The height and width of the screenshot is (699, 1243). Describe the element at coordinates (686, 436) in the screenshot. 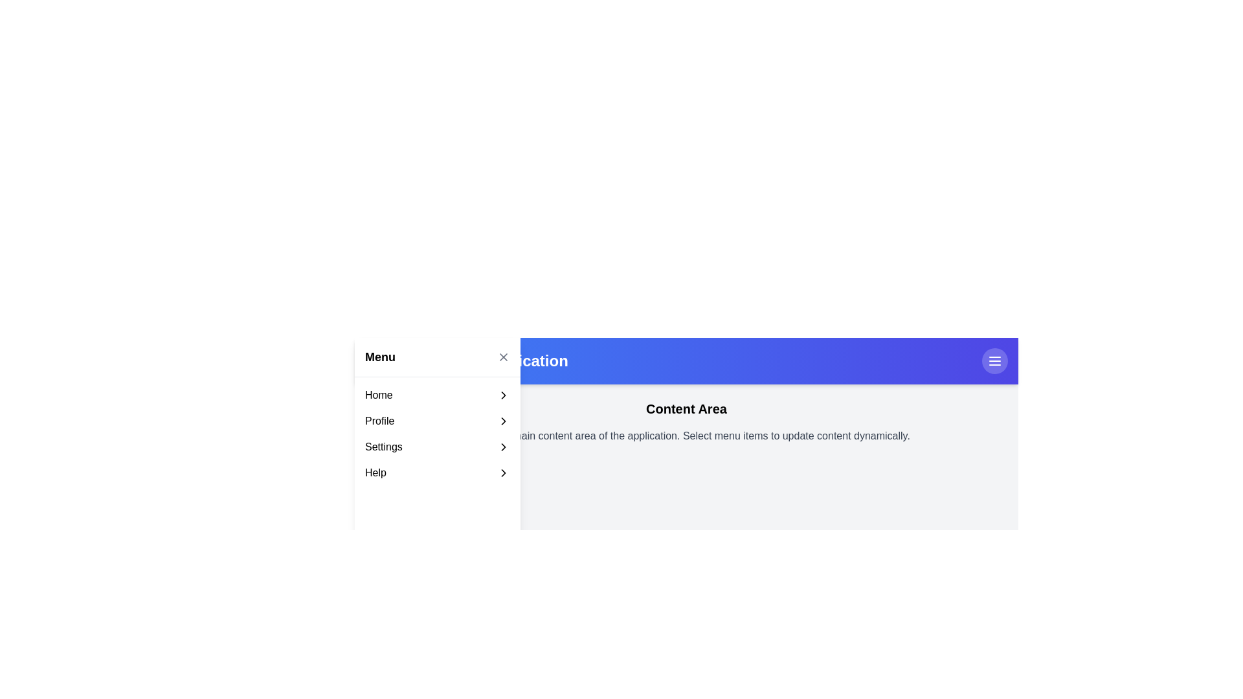

I see `the static text content that informs the user about the purpose and usage of the main content area, located below the title 'Content Area'` at that location.